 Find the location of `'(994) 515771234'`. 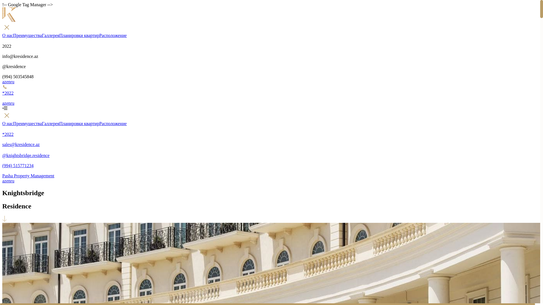

'(994) 515771234' is located at coordinates (270, 163).